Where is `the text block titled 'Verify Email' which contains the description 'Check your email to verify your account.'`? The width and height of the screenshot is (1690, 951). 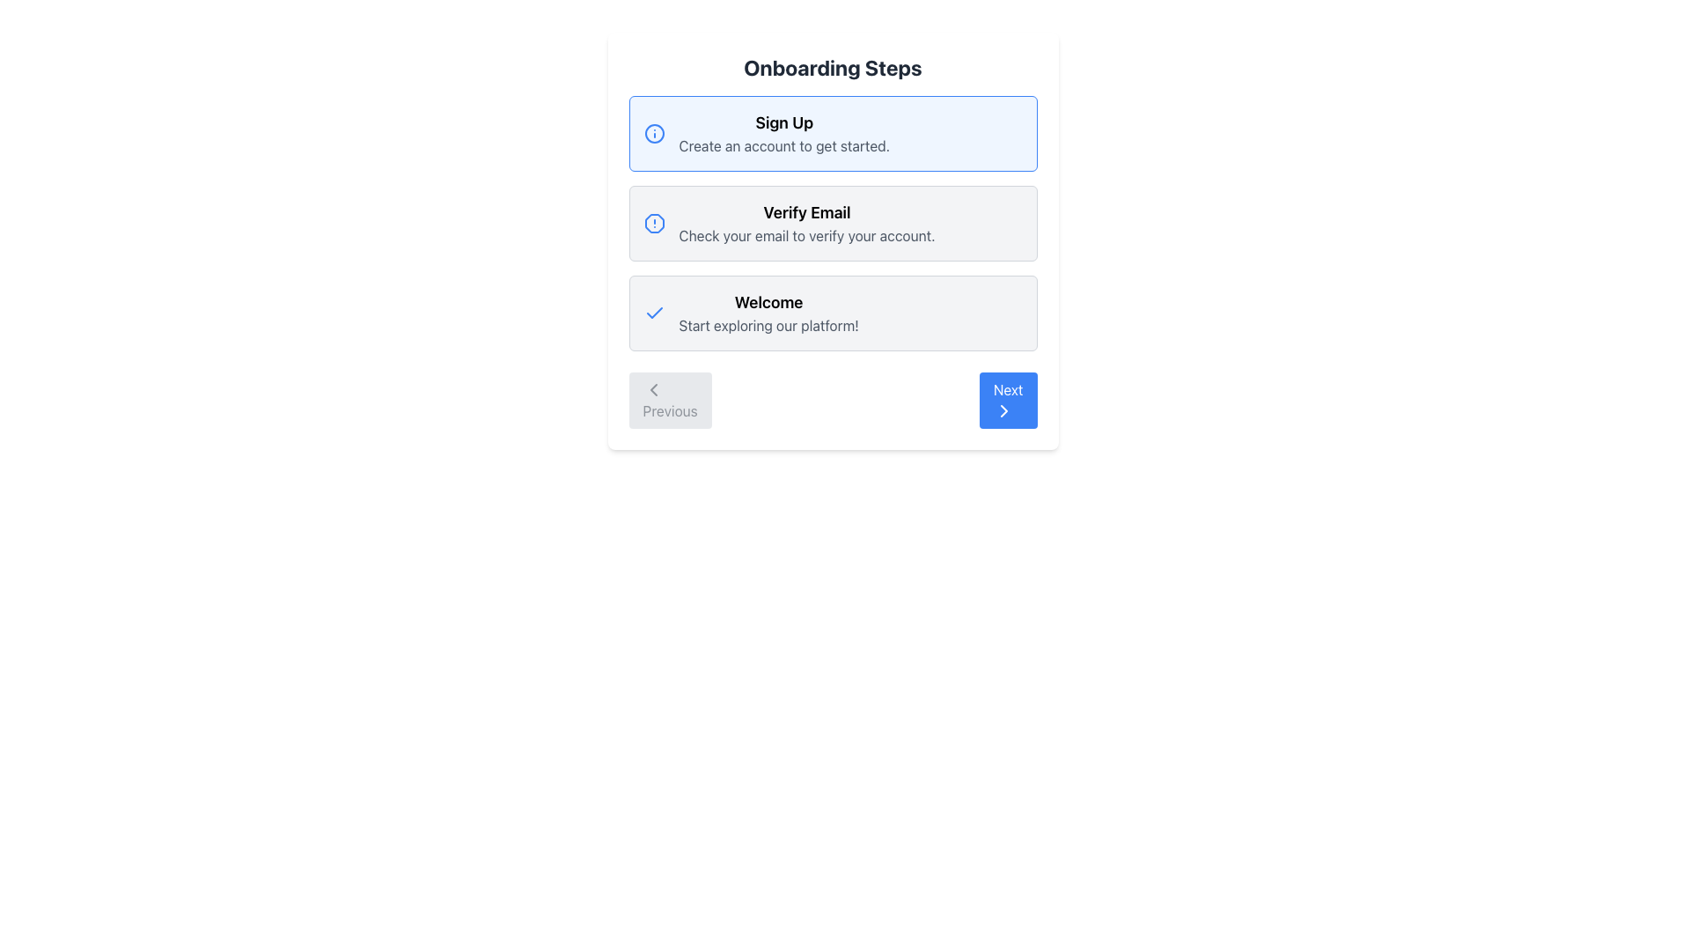 the text block titled 'Verify Email' which contains the description 'Check your email to verify your account.' is located at coordinates (832, 223).